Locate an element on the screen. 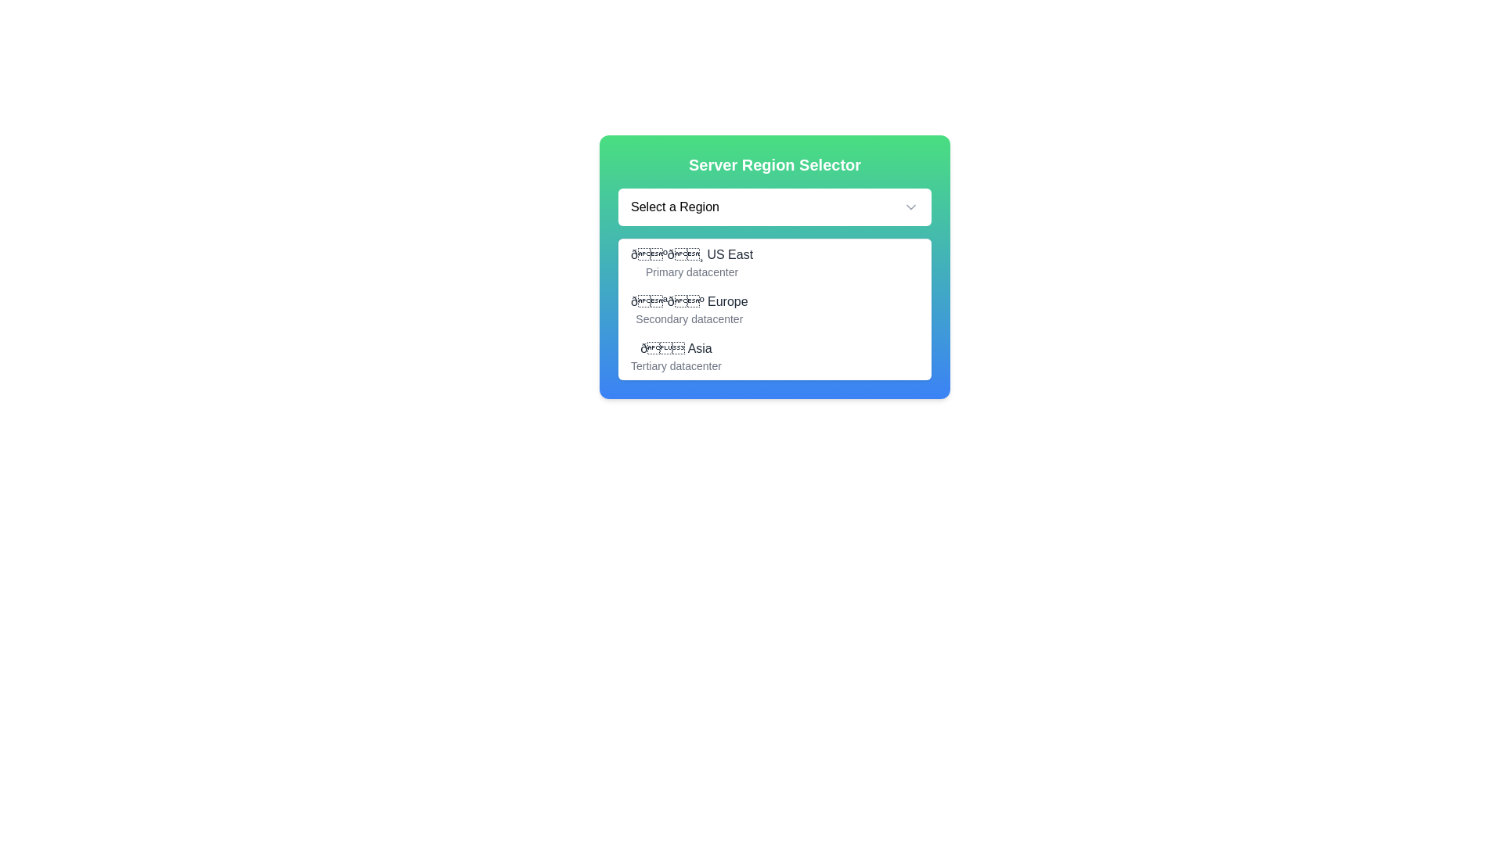  the 'Asia Tertiary datacenter' option is located at coordinates (774, 356).